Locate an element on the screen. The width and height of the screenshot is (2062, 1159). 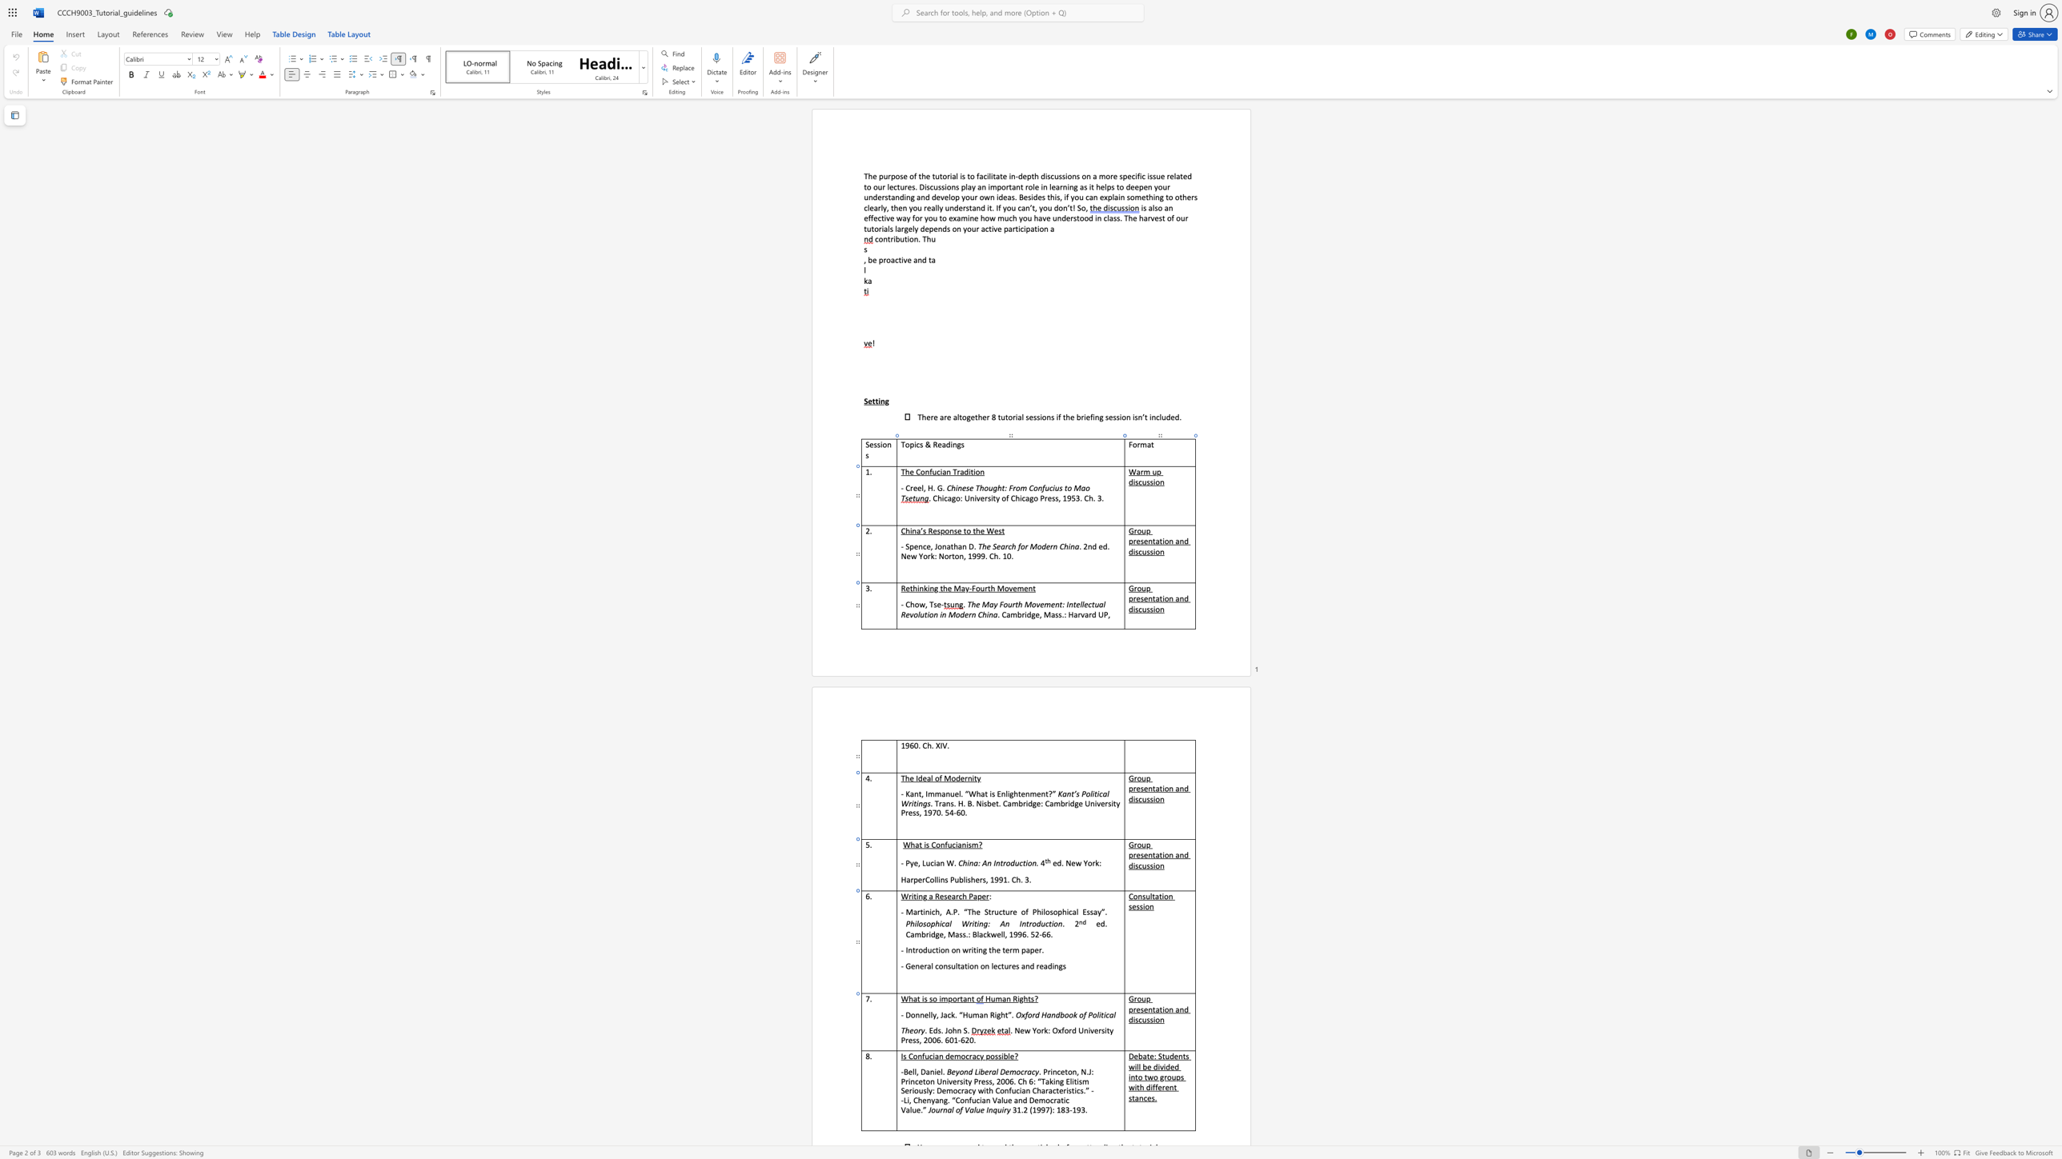
the 1th character "G" in the text is located at coordinates (1131, 844).